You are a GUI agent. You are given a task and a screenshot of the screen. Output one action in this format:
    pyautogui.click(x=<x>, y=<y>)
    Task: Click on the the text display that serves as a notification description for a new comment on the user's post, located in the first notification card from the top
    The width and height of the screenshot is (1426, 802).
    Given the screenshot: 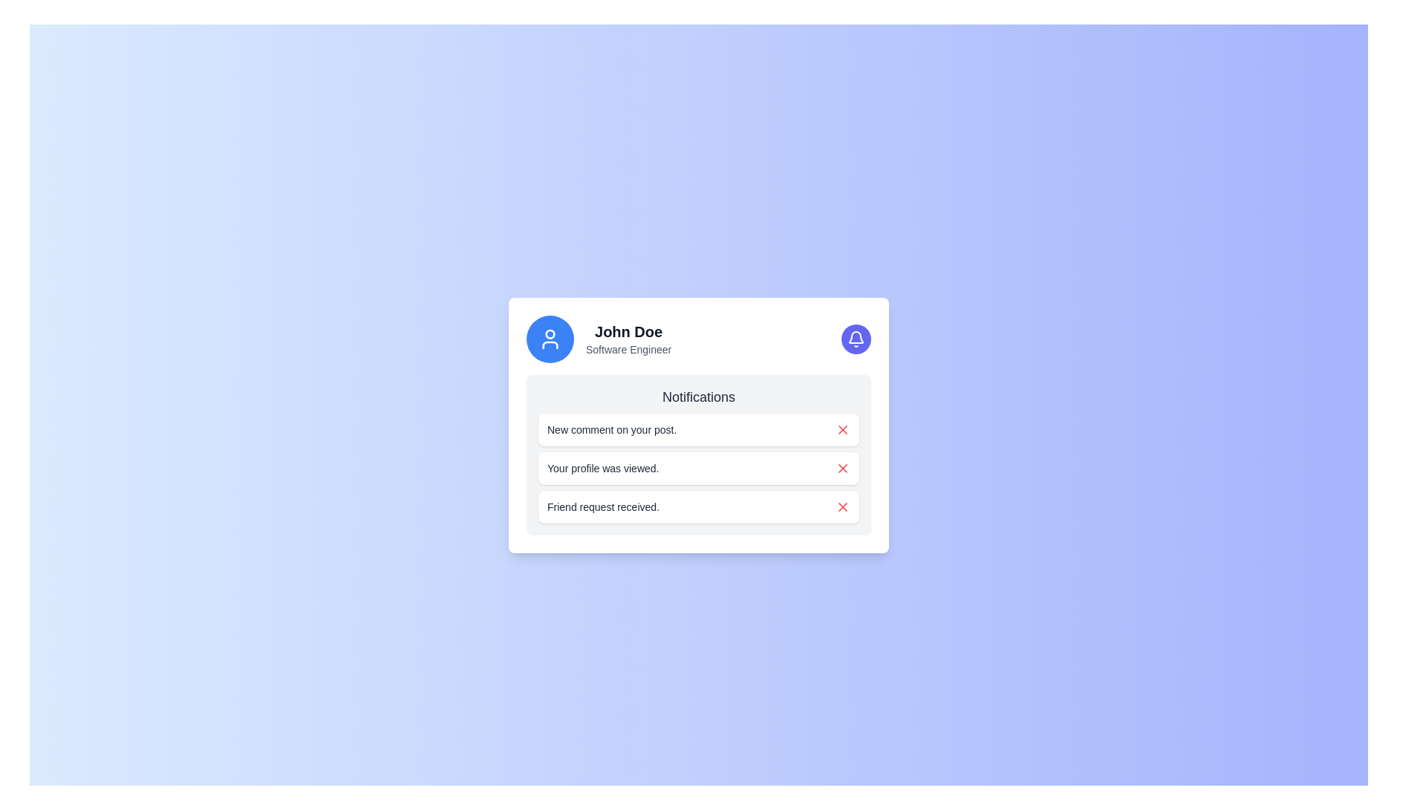 What is the action you would take?
    pyautogui.click(x=612, y=429)
    